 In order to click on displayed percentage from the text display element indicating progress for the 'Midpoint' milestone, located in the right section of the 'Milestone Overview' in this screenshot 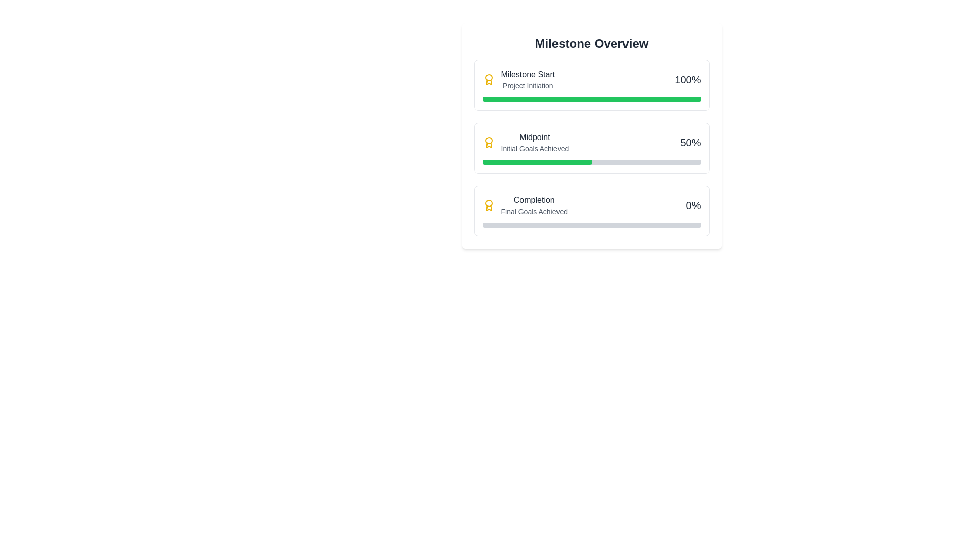, I will do `click(690, 143)`.